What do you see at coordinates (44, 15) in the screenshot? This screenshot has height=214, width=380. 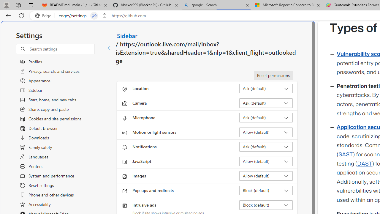 I see `'Edge'` at bounding box center [44, 15].